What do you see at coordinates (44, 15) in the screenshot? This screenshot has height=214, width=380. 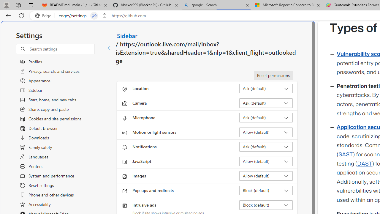 I see `'Edge'` at bounding box center [44, 15].